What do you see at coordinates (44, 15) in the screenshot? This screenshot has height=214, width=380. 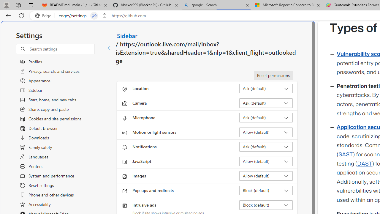 I see `'Edge'` at bounding box center [44, 15].